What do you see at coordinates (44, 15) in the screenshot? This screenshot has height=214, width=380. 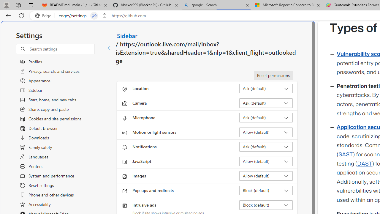 I see `'Edge'` at bounding box center [44, 15].